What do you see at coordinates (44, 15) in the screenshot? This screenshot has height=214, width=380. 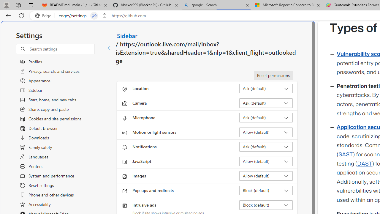 I see `'Edge'` at bounding box center [44, 15].